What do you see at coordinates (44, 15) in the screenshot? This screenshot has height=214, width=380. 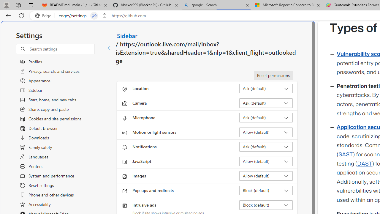 I see `'Edge'` at bounding box center [44, 15].